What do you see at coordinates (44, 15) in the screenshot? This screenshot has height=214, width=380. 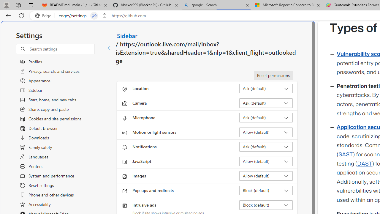 I see `'Edge'` at bounding box center [44, 15].